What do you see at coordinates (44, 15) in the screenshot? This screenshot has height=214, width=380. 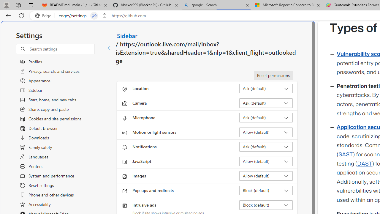 I see `'Edge'` at bounding box center [44, 15].